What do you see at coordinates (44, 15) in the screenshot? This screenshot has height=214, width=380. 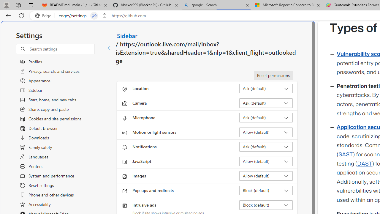 I see `'Edge'` at bounding box center [44, 15].